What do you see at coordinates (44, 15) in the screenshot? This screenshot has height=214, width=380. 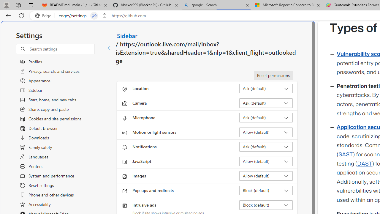 I see `'Edge'` at bounding box center [44, 15].